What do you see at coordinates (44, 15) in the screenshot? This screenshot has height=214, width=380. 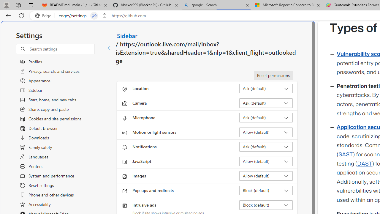 I see `'Edge'` at bounding box center [44, 15].